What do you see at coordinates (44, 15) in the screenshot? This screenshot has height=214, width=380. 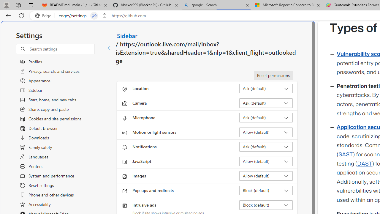 I see `'Edge'` at bounding box center [44, 15].